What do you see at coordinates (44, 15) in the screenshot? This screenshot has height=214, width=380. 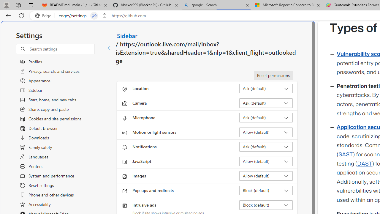 I see `'Edge'` at bounding box center [44, 15].